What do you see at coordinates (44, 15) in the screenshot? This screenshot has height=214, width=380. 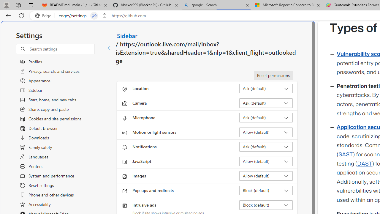 I see `'Edge'` at bounding box center [44, 15].